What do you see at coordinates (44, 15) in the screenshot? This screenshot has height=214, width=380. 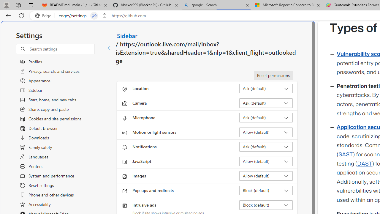 I see `'Edge'` at bounding box center [44, 15].